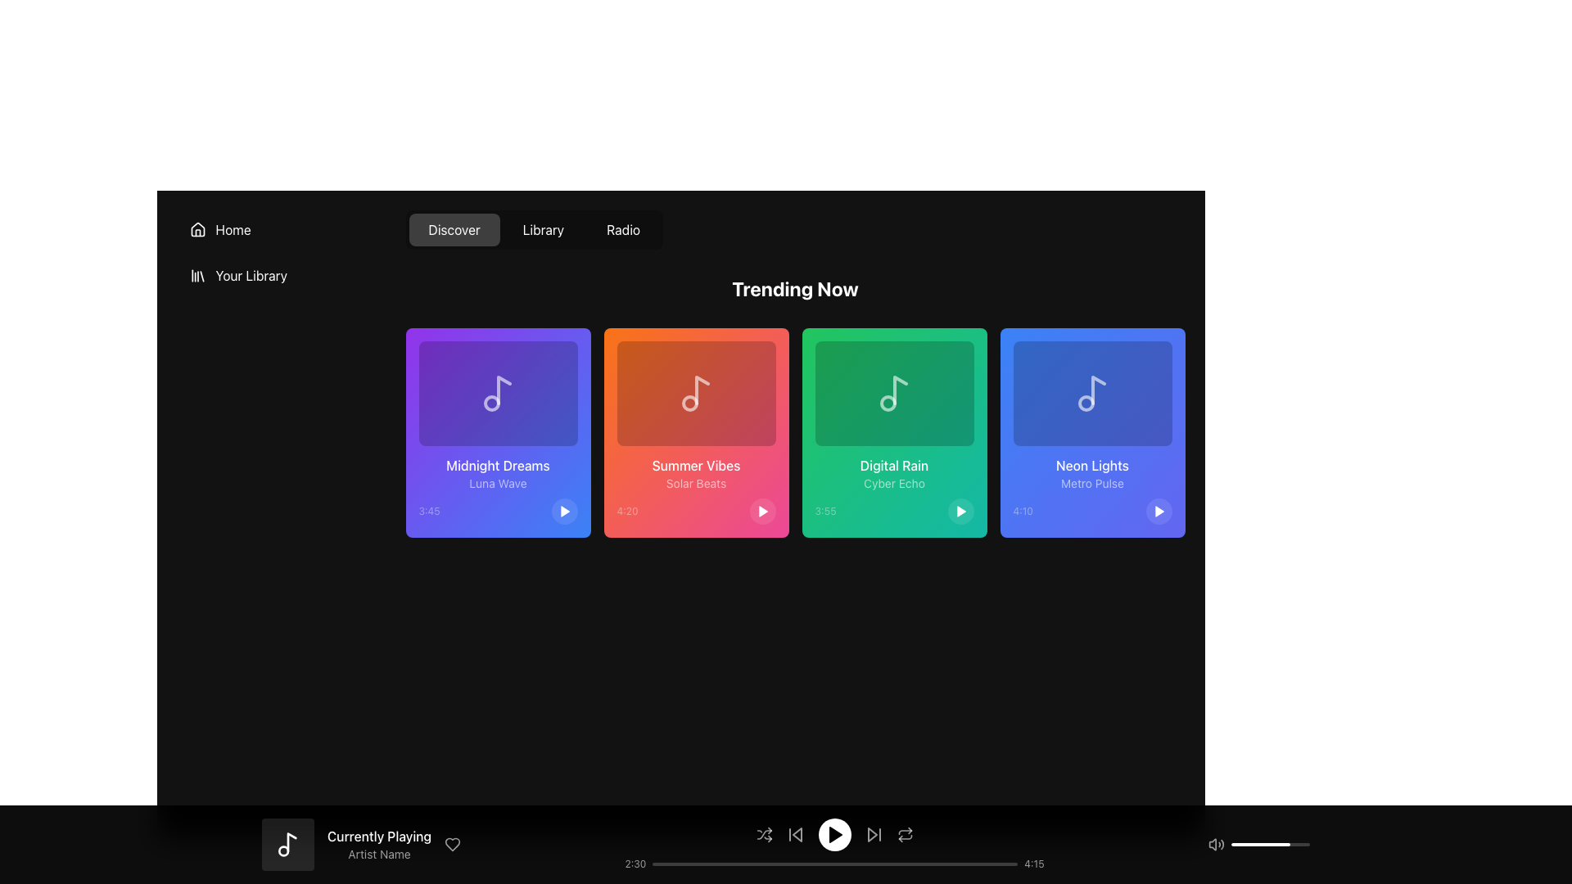  I want to click on the 'Discover' button, which is a rectangular button with the text 'Discover' centered within it, located in the top-center area of the interface, so click(454, 230).